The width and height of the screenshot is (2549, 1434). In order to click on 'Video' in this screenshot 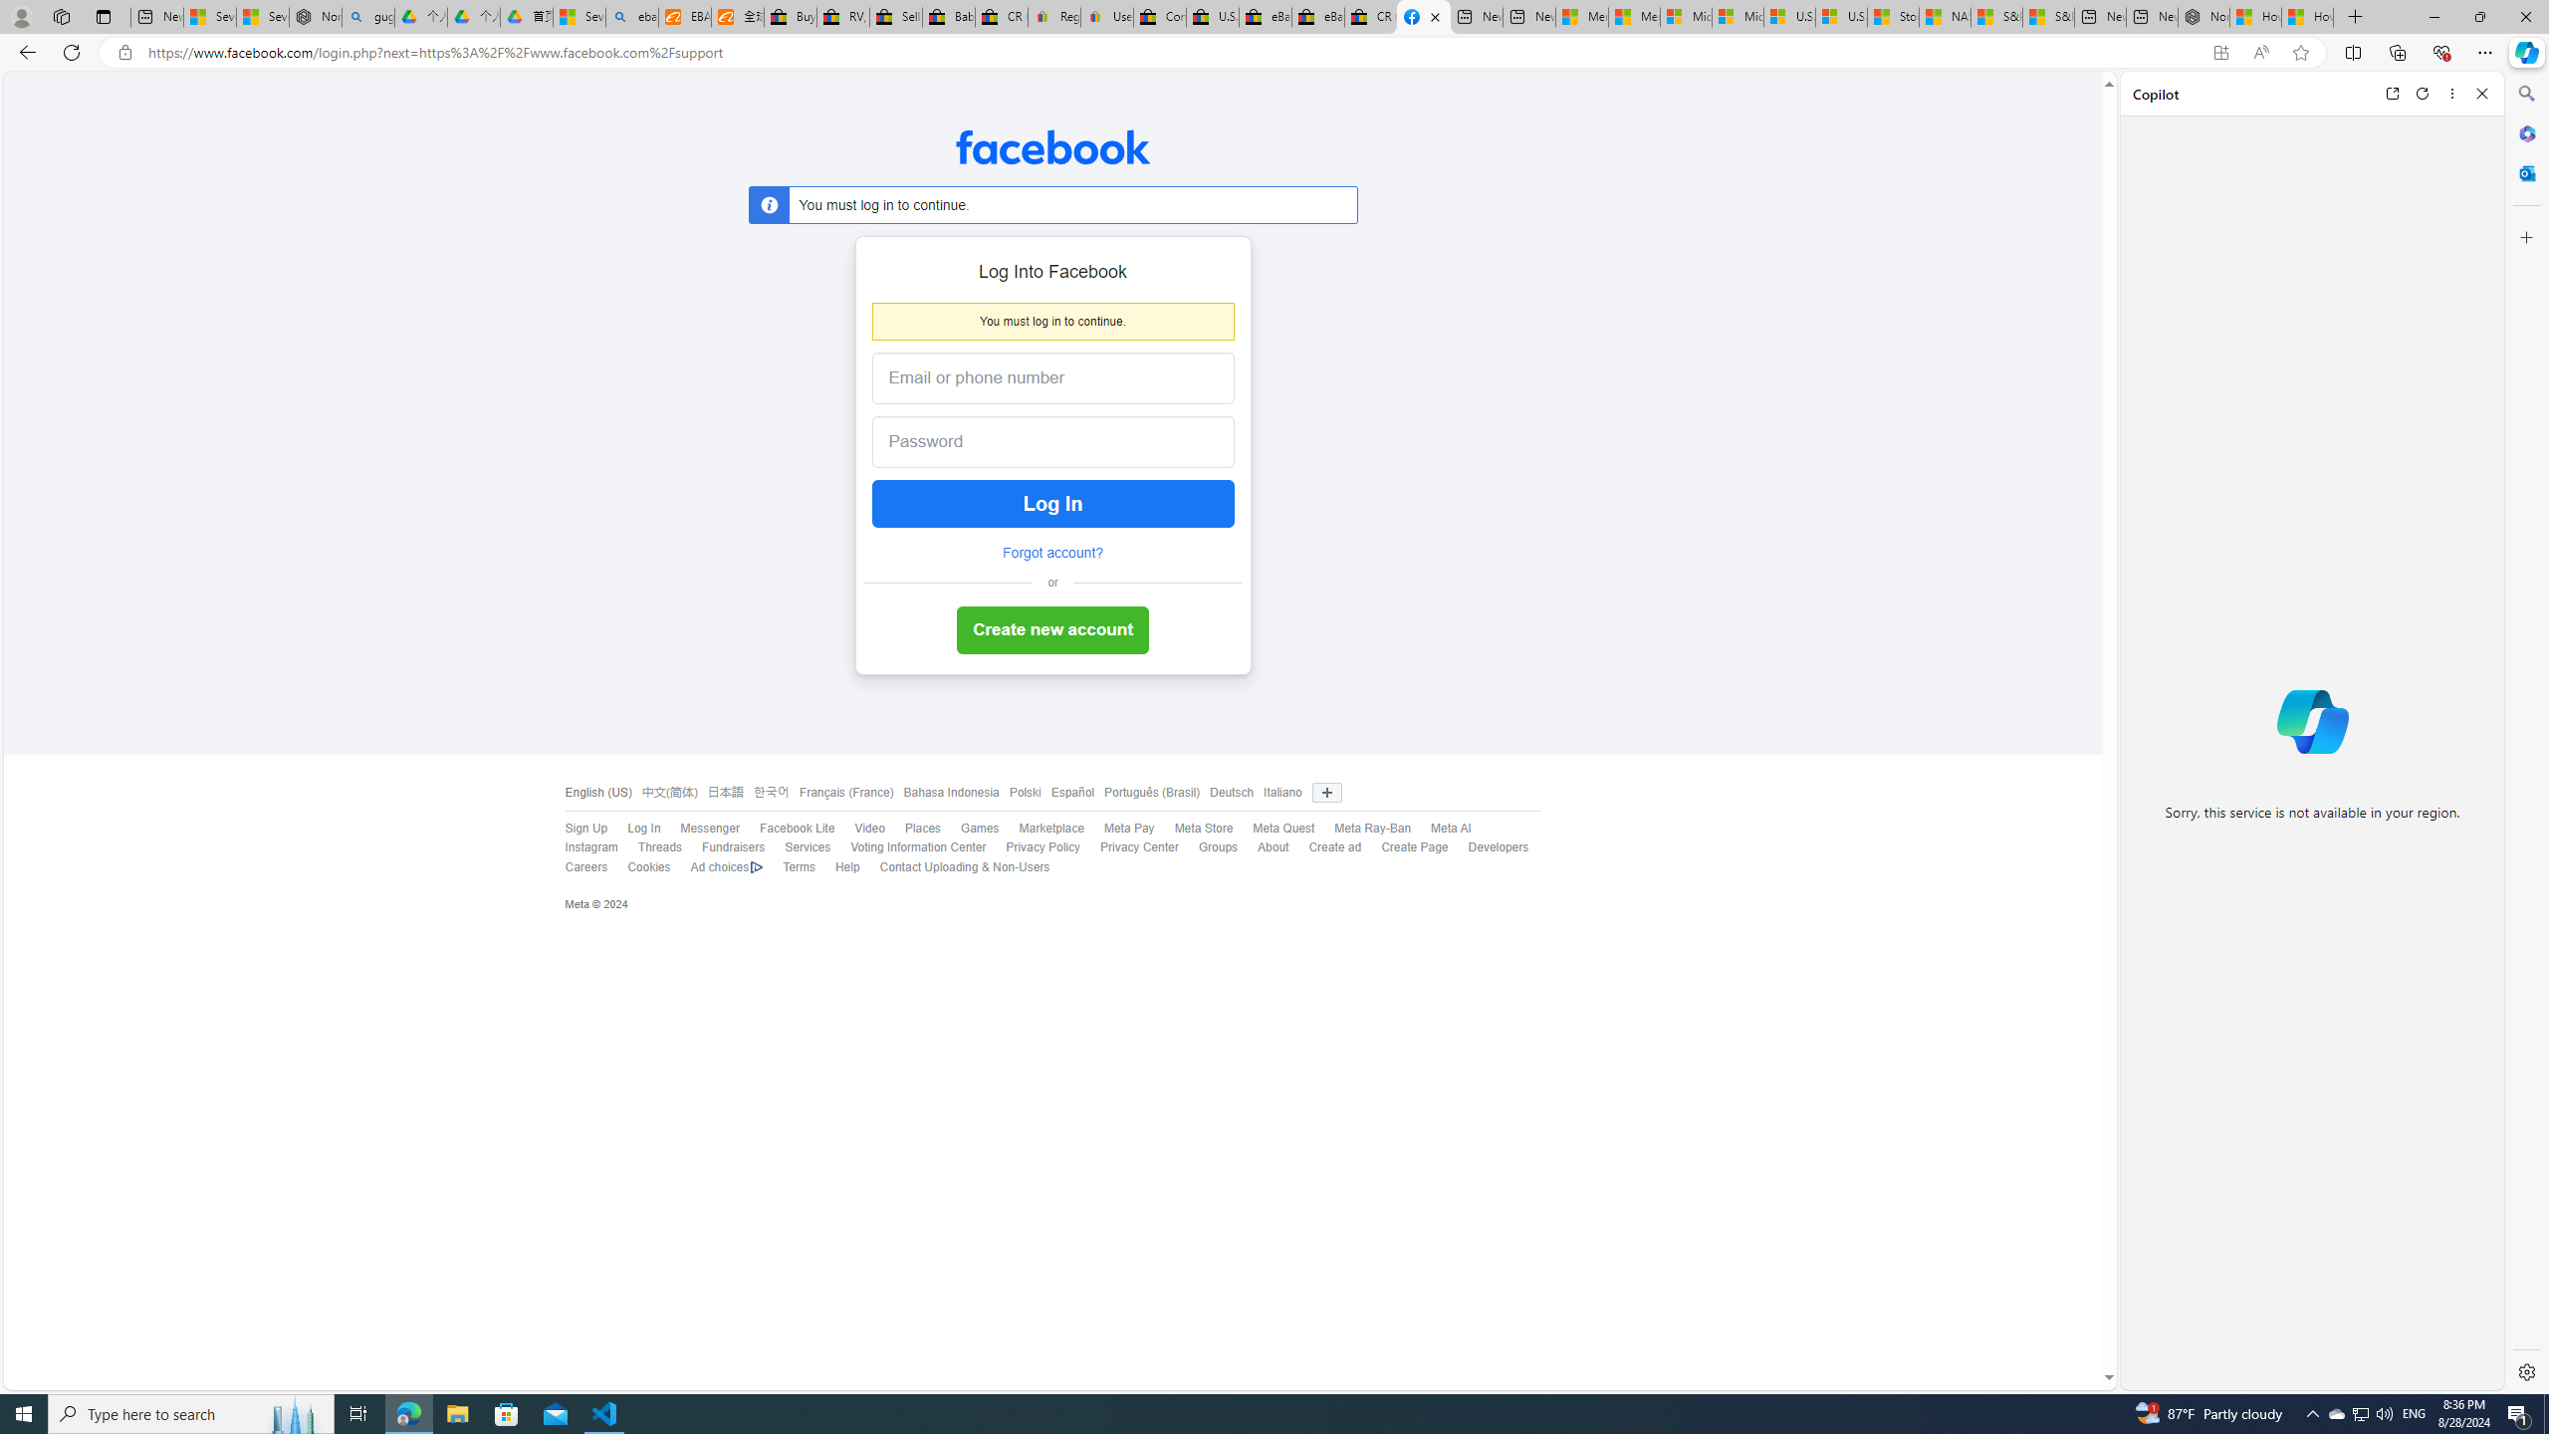, I will do `click(857, 829)`.